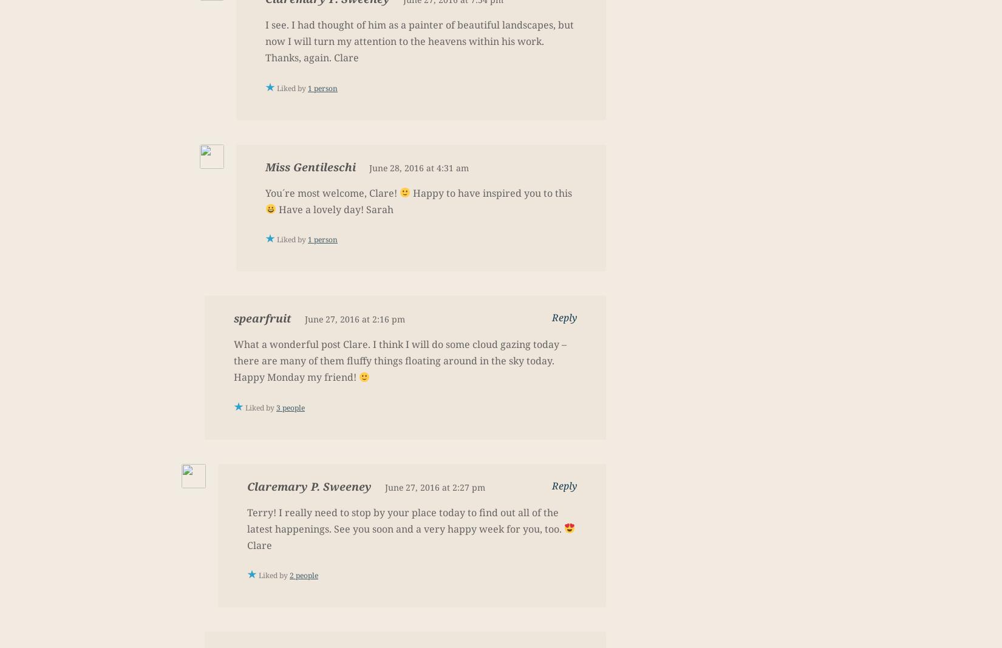 The width and height of the screenshot is (1002, 648). I want to click on 'Miss Gentileschi', so click(310, 166).